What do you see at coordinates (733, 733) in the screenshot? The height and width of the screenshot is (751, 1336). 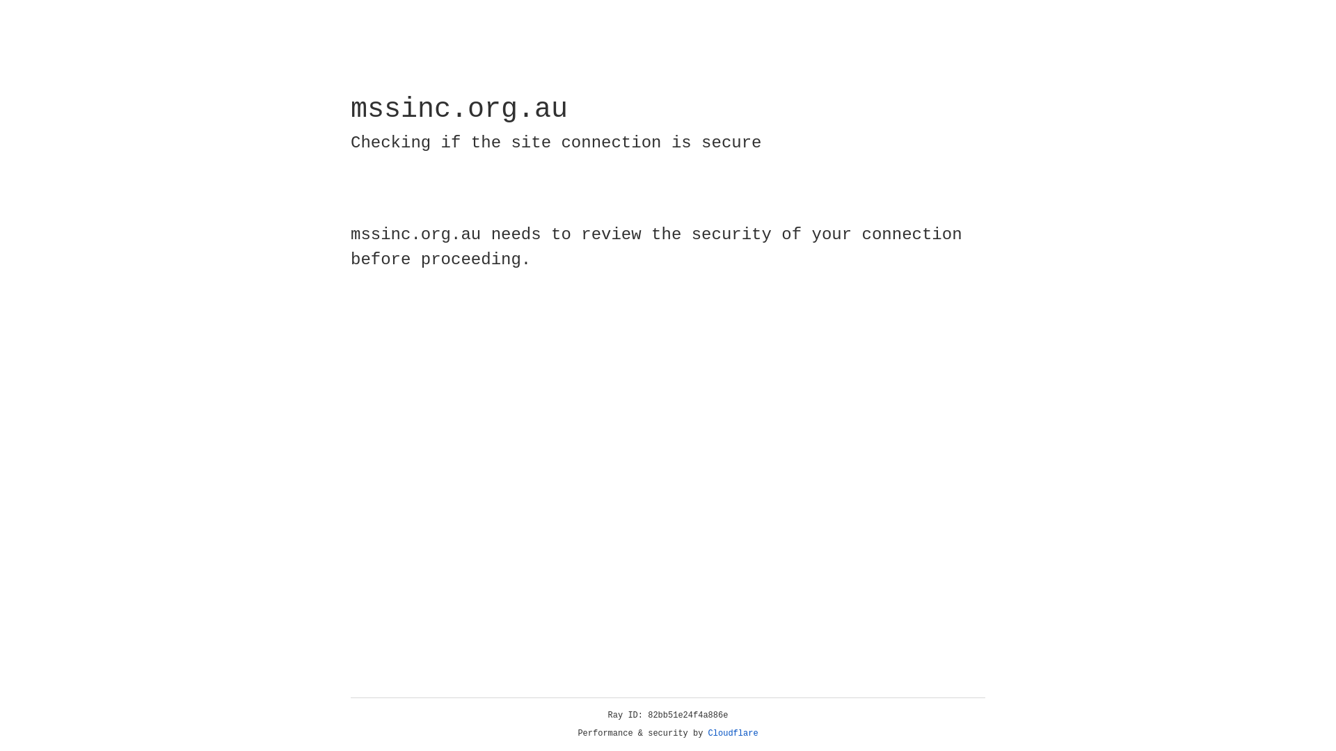 I see `'Cloudflare'` at bounding box center [733, 733].